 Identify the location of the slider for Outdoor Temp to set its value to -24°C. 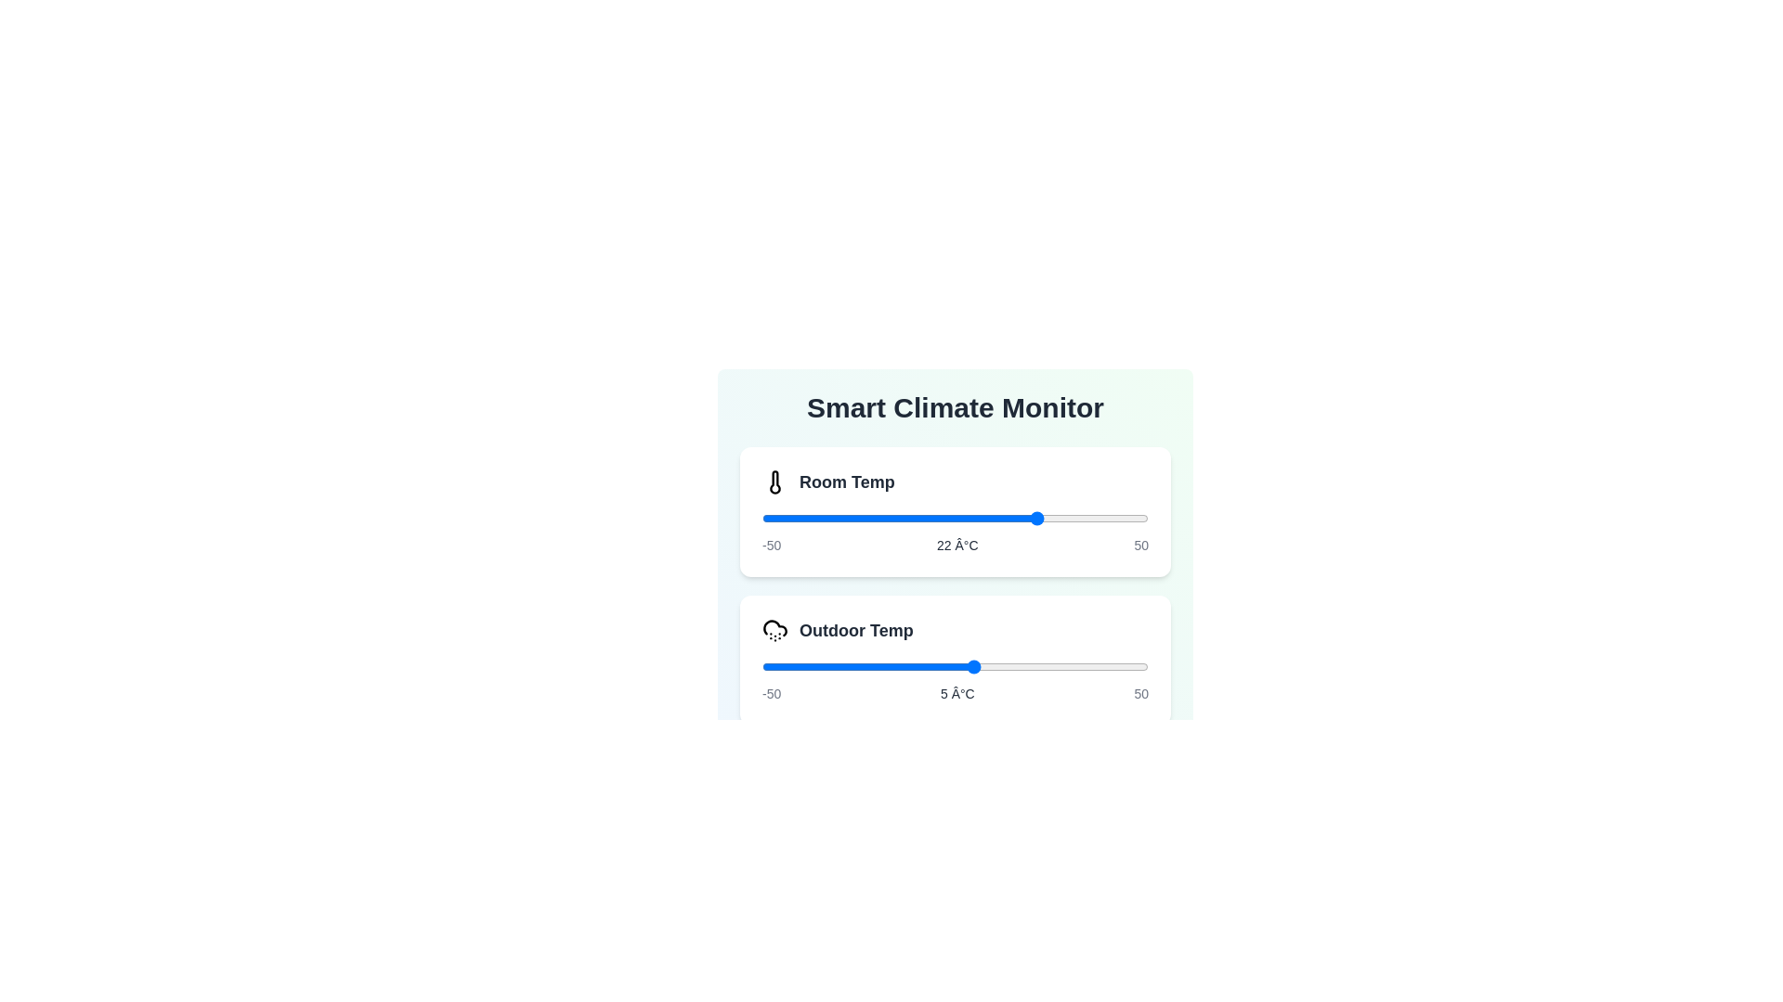
(862, 665).